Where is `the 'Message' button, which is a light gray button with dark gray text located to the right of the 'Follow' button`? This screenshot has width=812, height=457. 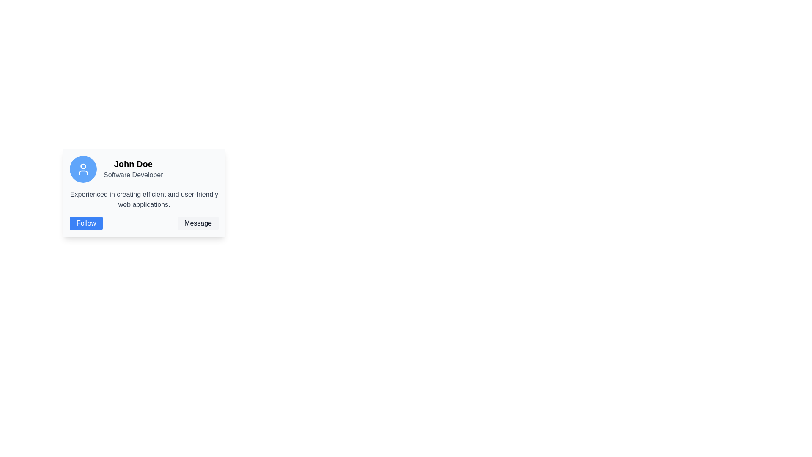
the 'Message' button, which is a light gray button with dark gray text located to the right of the 'Follow' button is located at coordinates (198, 223).